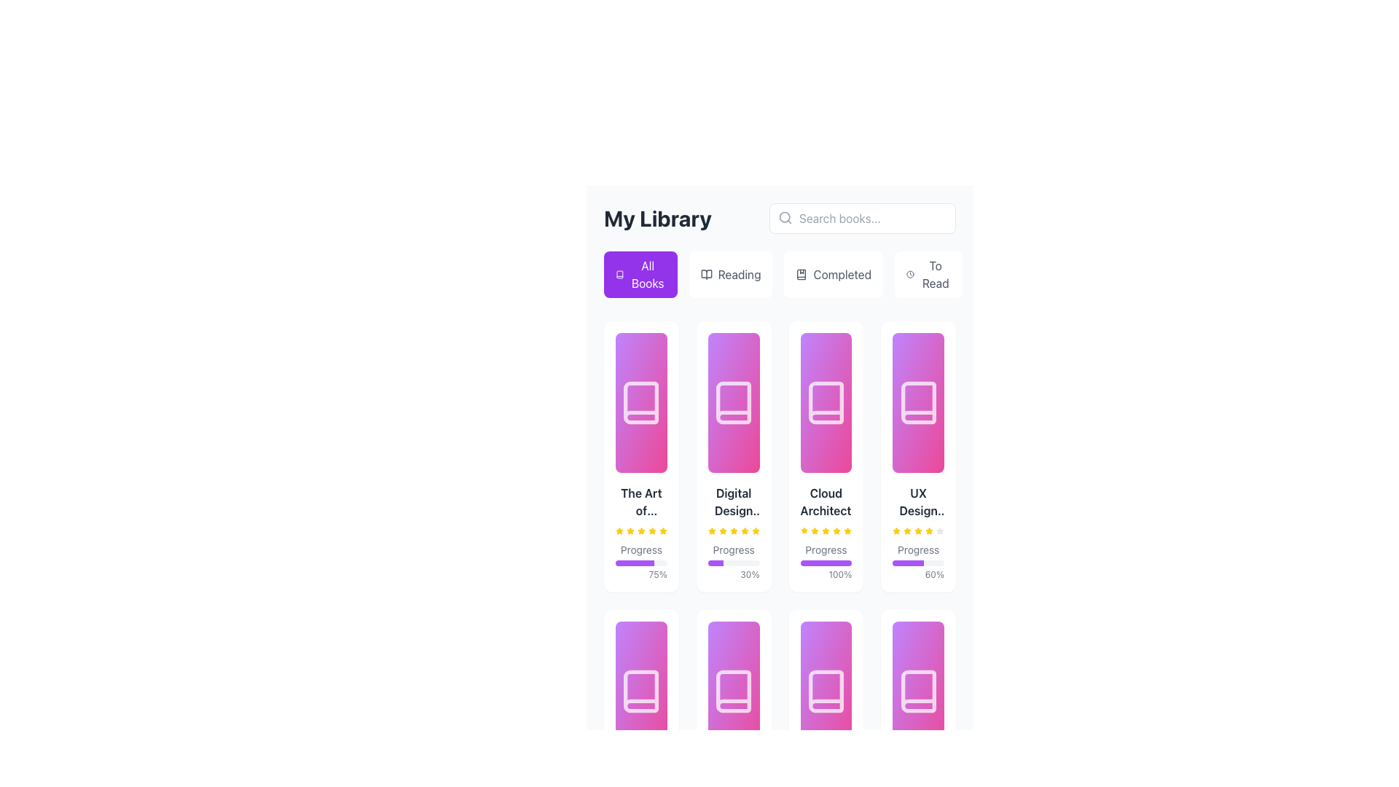 Image resolution: width=1399 pixels, height=787 pixels. I want to click on the fourth star in the five-star rating system located below the title 'The Art of...' in the first item of the top left card of the grid to interact with the rating system, so click(640, 530).